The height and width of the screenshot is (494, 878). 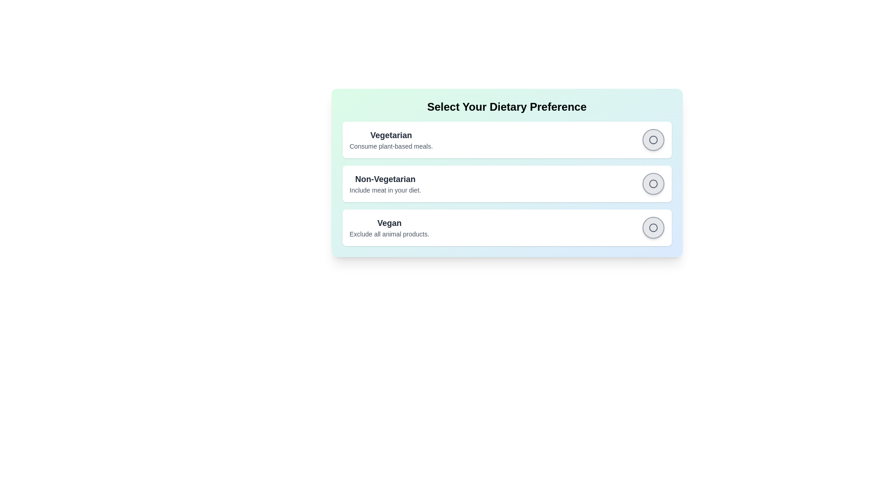 I want to click on the text label for 'Non-Vegetarian' dietary preference to read its description, which informs the user about this choice and its implications, so click(x=385, y=183).